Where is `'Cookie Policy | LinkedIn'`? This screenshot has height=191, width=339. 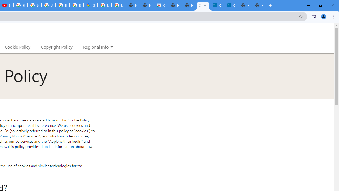
'Cookie Policy | LinkedIn' is located at coordinates (203, 5).